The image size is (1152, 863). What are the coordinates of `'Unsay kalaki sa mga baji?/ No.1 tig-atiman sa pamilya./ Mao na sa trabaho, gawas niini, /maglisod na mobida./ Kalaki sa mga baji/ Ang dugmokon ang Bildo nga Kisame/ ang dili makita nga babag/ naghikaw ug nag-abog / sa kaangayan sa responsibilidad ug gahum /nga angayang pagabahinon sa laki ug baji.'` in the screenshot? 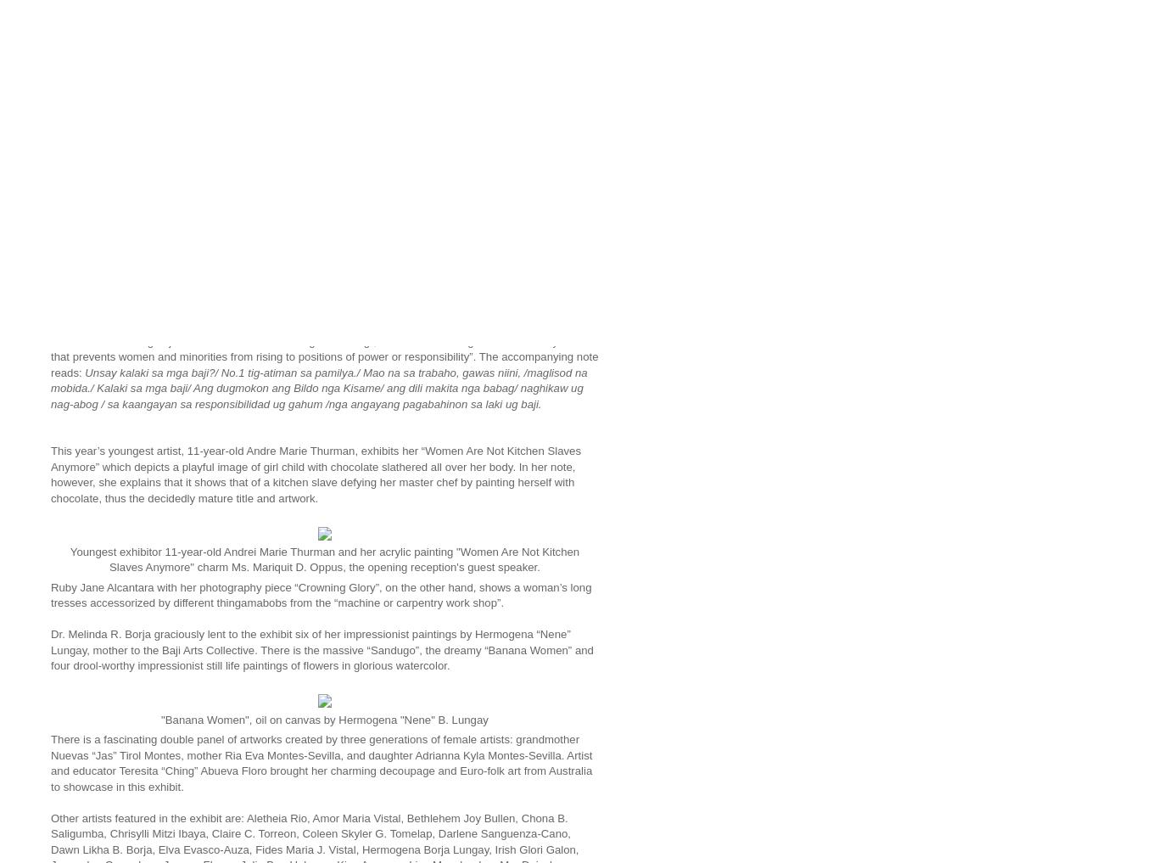 It's located at (319, 387).